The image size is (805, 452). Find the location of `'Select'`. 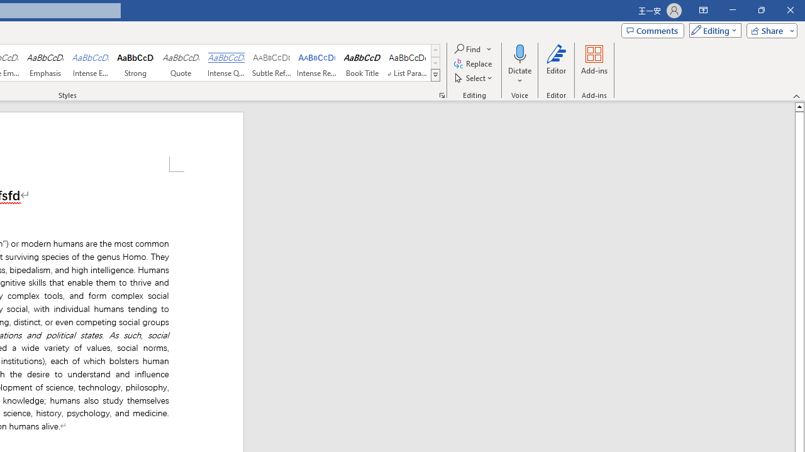

'Select' is located at coordinates (474, 78).